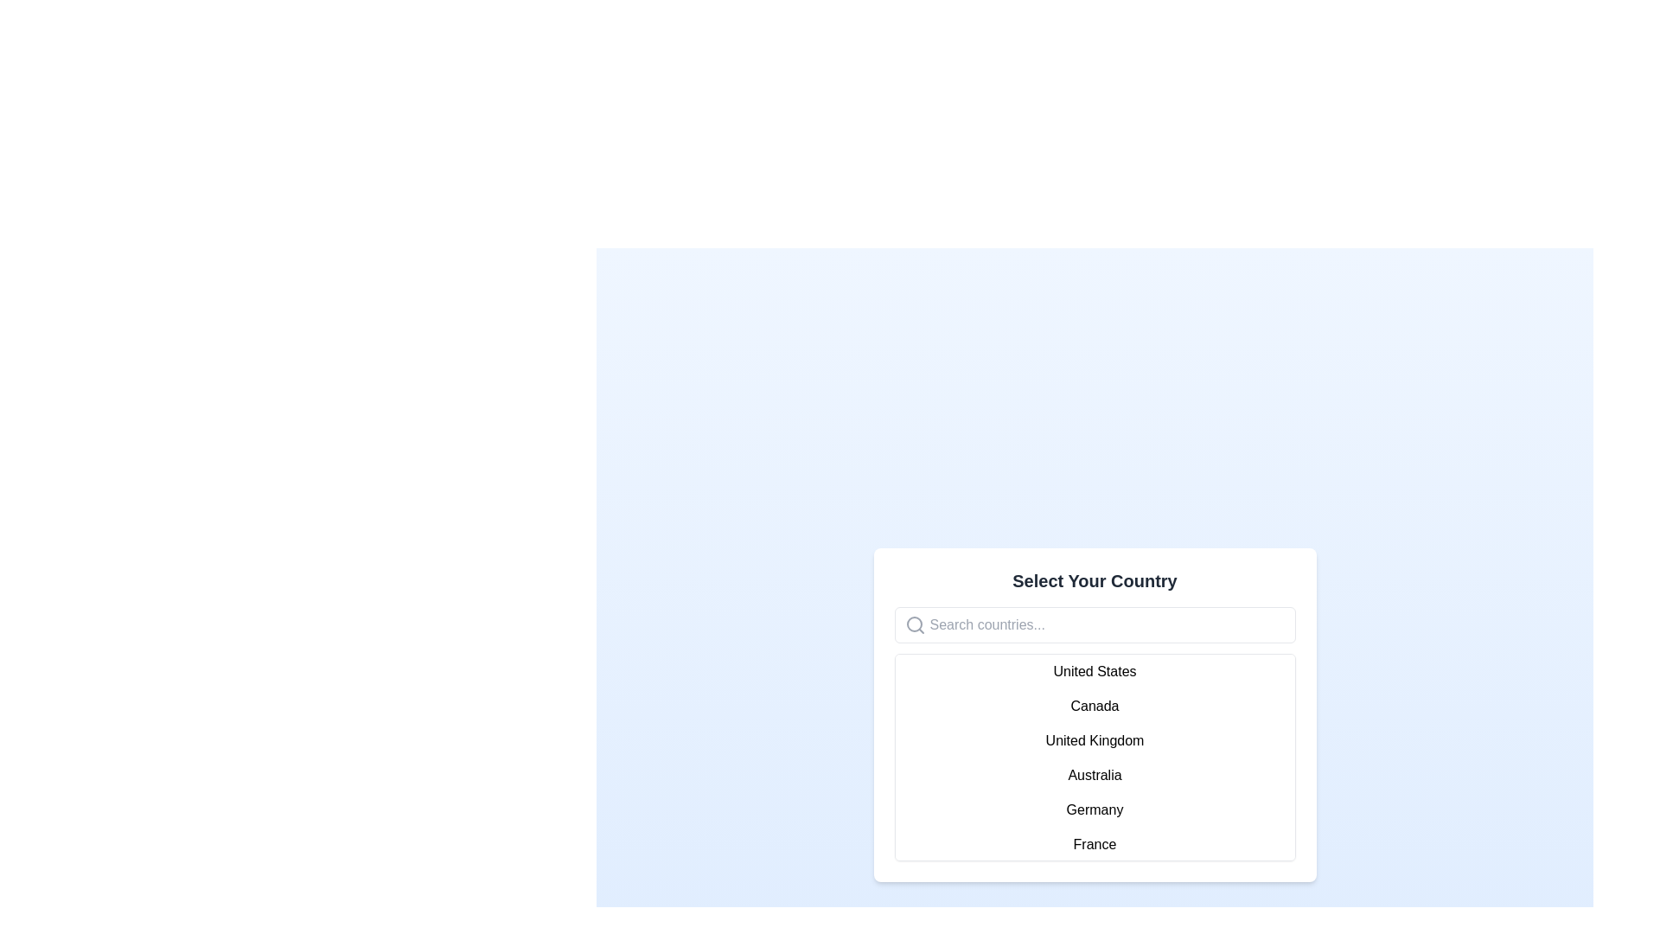  What do you see at coordinates (1094, 843) in the screenshot?
I see `the selectable text item labeled 'France' within the dropdown list` at bounding box center [1094, 843].